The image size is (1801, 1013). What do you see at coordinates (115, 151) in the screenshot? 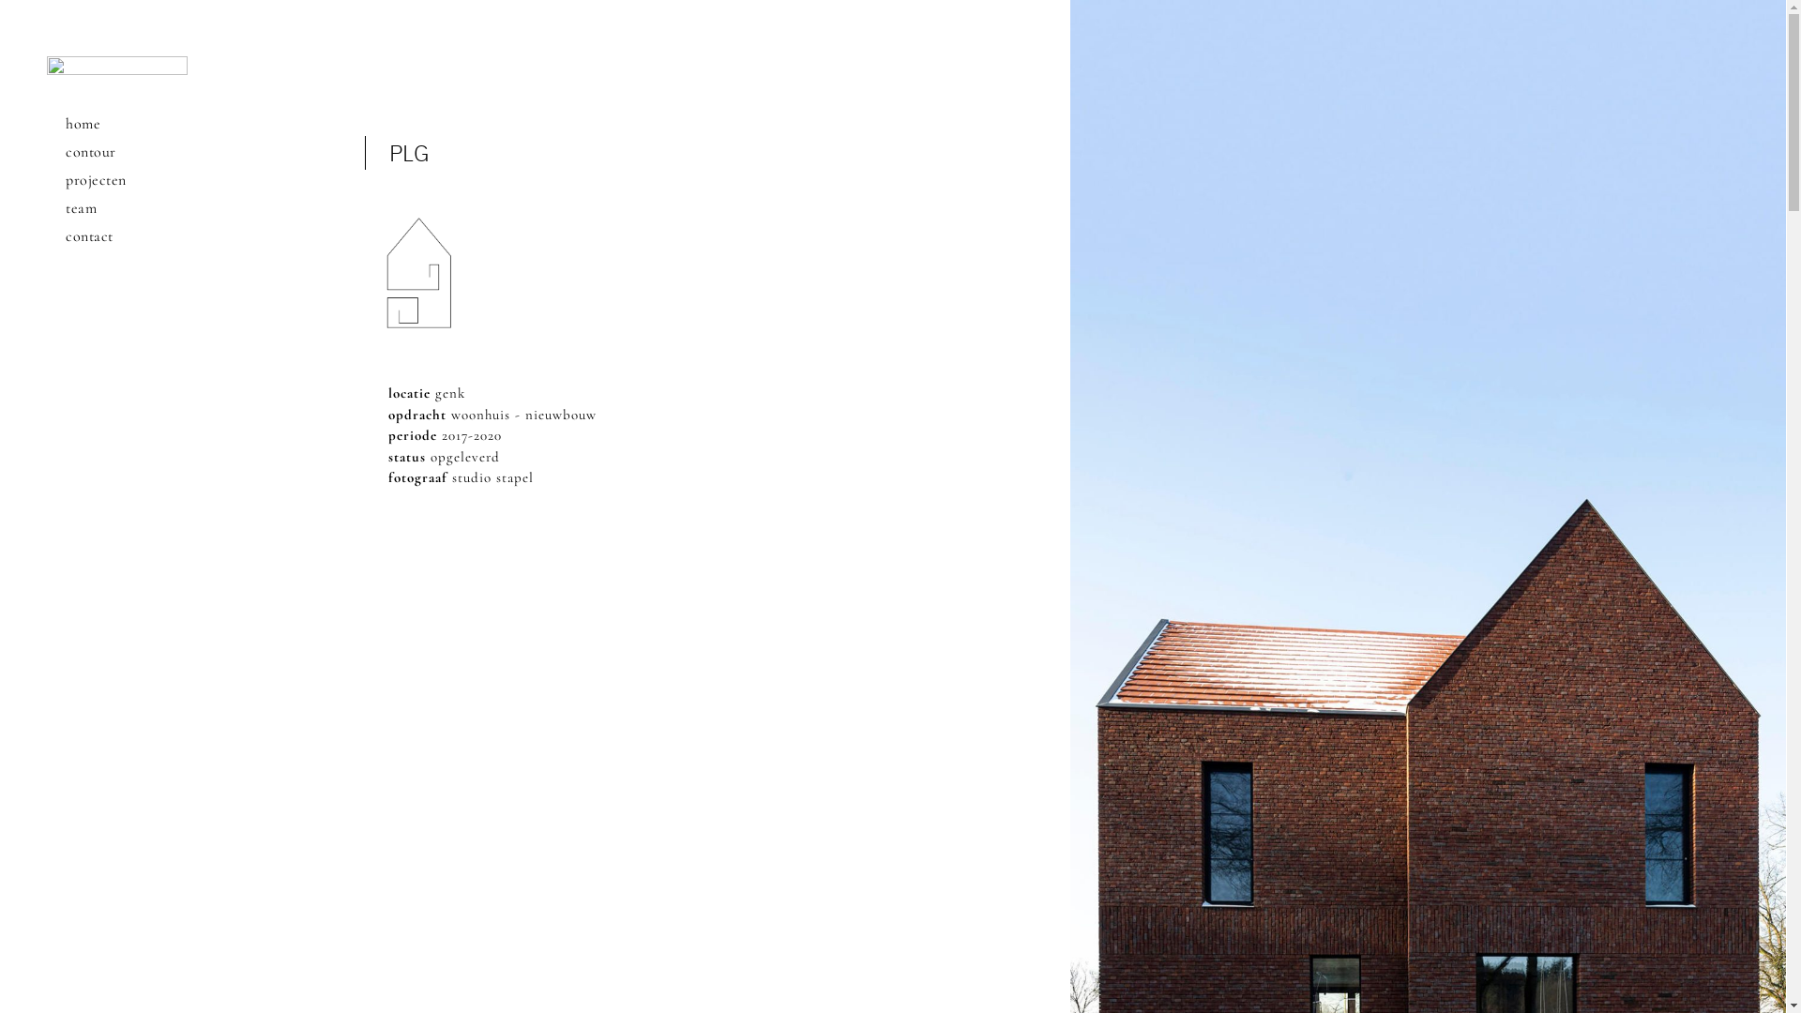
I see `'contour'` at bounding box center [115, 151].